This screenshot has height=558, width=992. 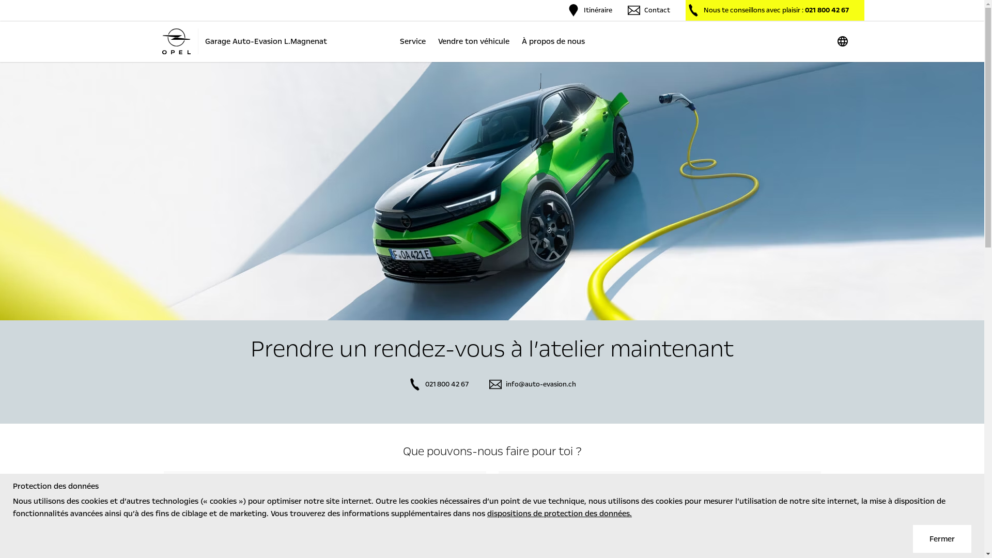 What do you see at coordinates (532, 384) in the screenshot?
I see `'info@auto-evasion.ch'` at bounding box center [532, 384].